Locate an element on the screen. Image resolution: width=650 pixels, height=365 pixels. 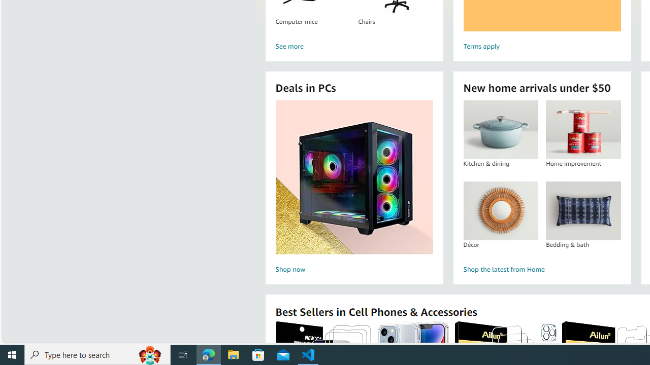
'Bedding & bath' is located at coordinates (583, 210).